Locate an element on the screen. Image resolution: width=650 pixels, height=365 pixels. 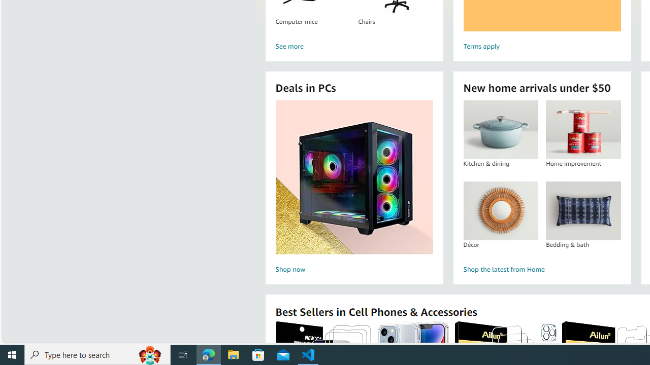
'Bedding & bath' is located at coordinates (583, 210).